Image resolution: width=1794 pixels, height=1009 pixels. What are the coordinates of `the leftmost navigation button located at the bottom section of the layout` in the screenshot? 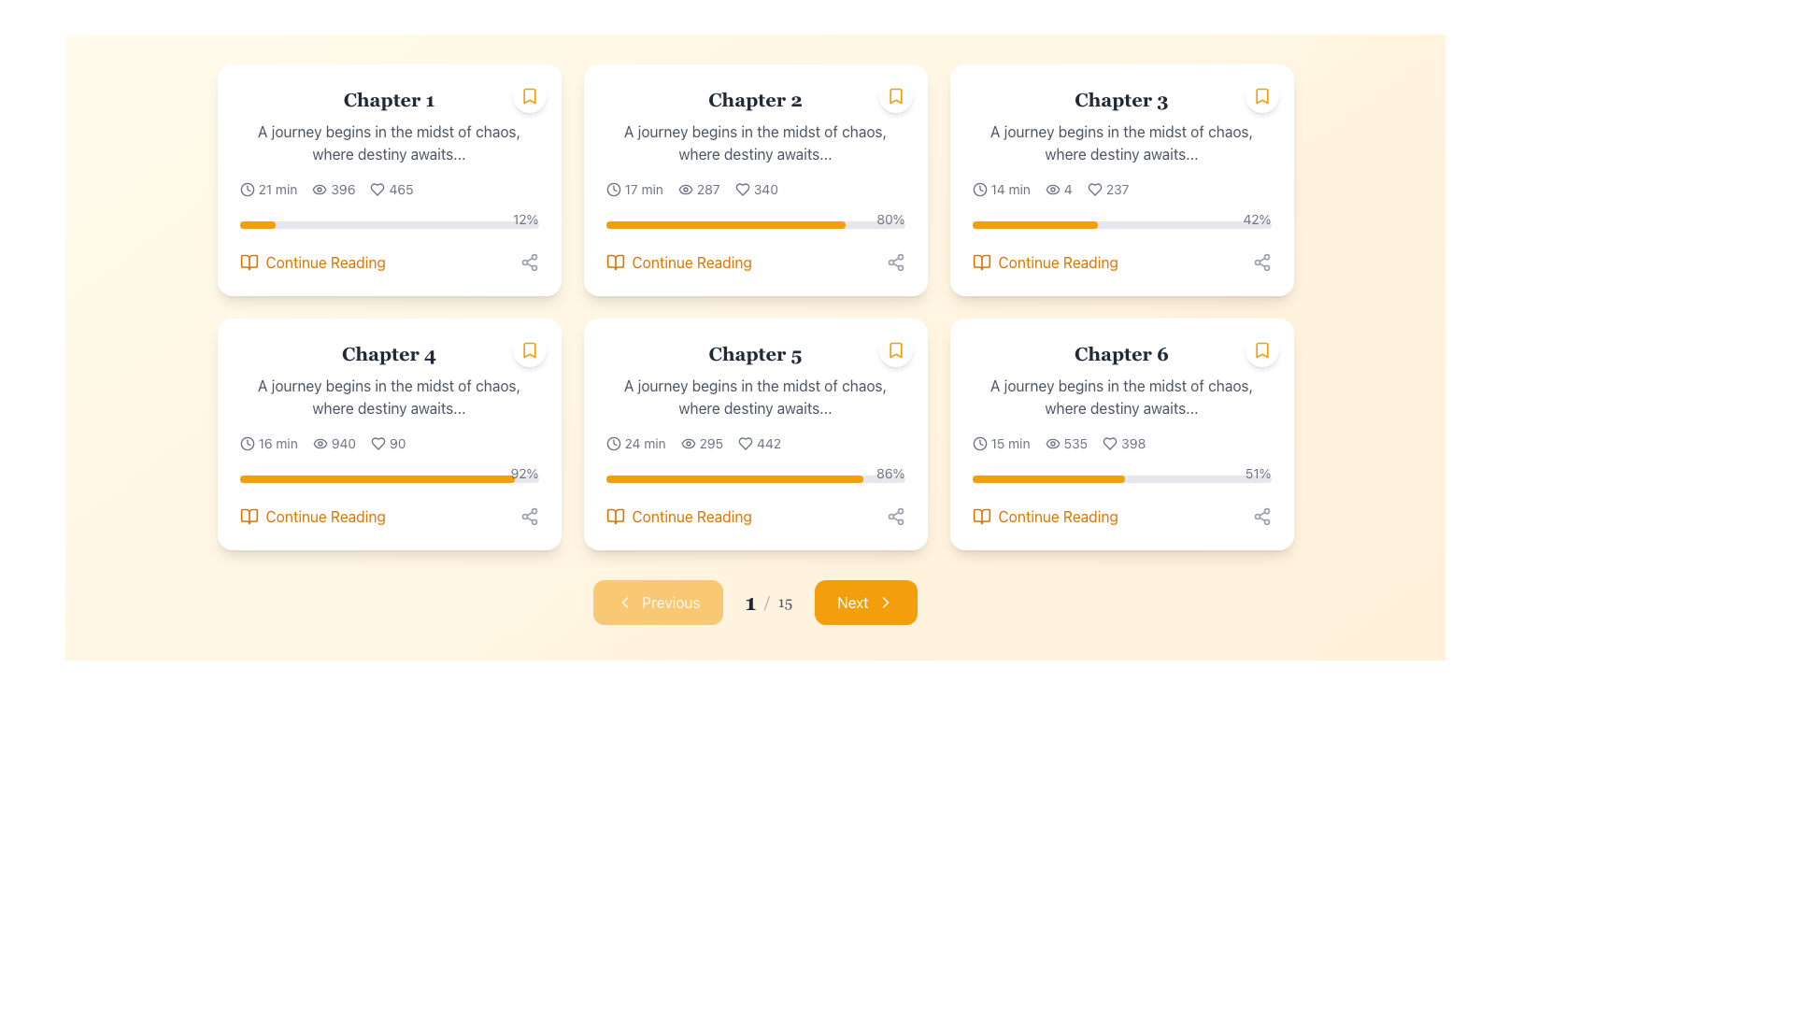 It's located at (658, 602).